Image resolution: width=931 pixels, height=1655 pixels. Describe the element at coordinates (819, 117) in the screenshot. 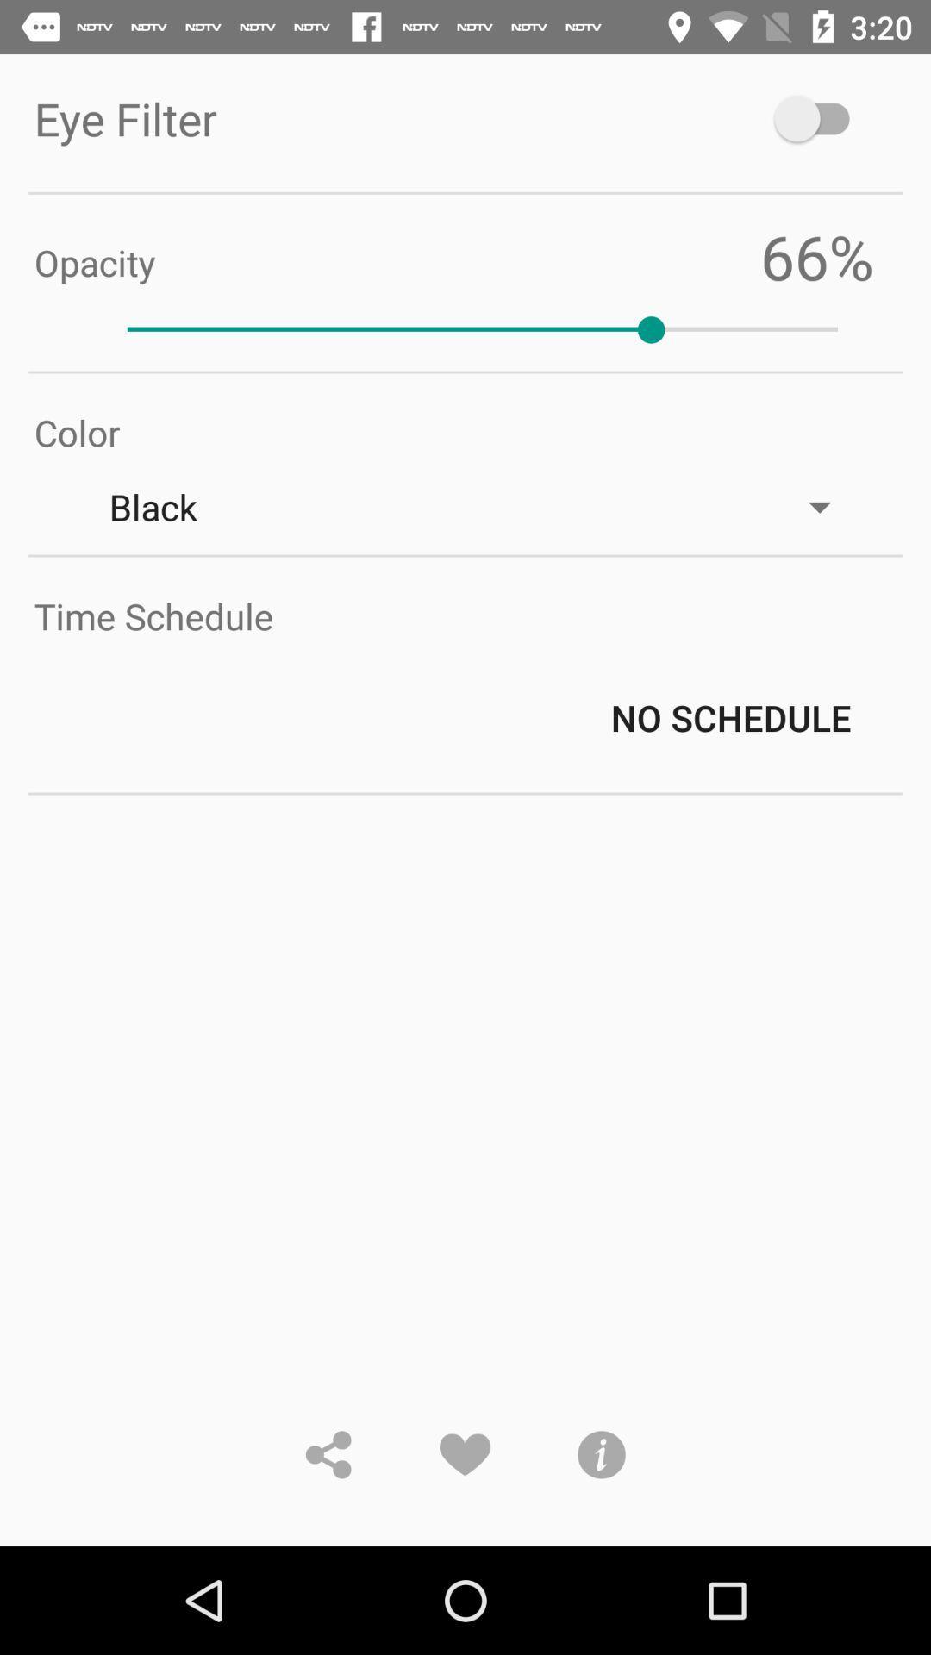

I see `eye filter option` at that location.